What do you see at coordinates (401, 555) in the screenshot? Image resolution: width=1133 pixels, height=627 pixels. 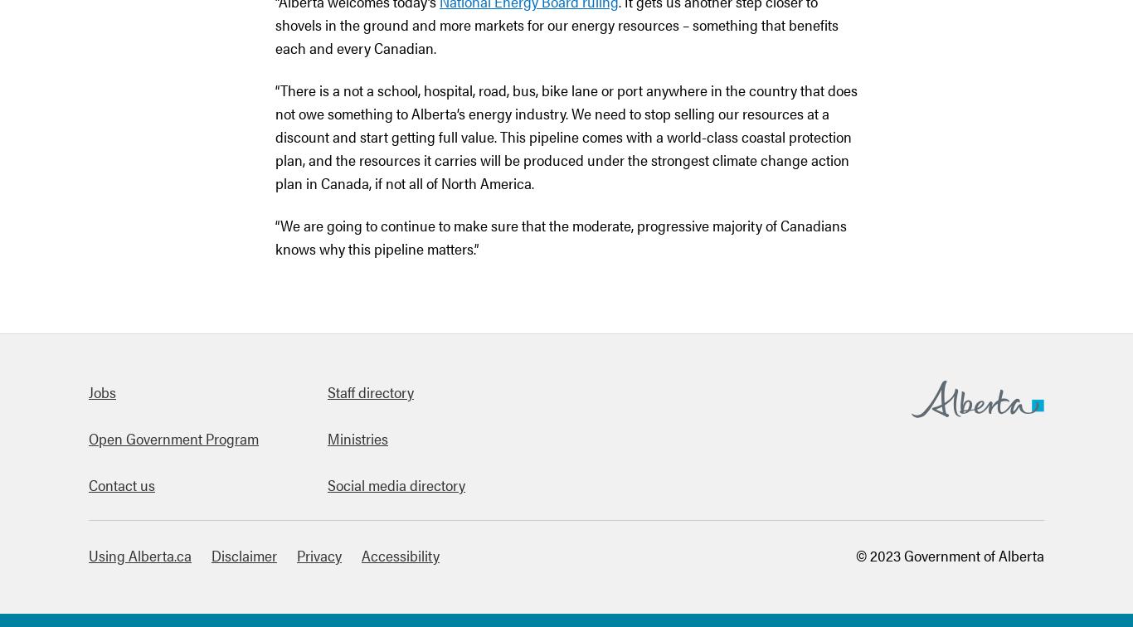 I see `'Accessibility'` at bounding box center [401, 555].